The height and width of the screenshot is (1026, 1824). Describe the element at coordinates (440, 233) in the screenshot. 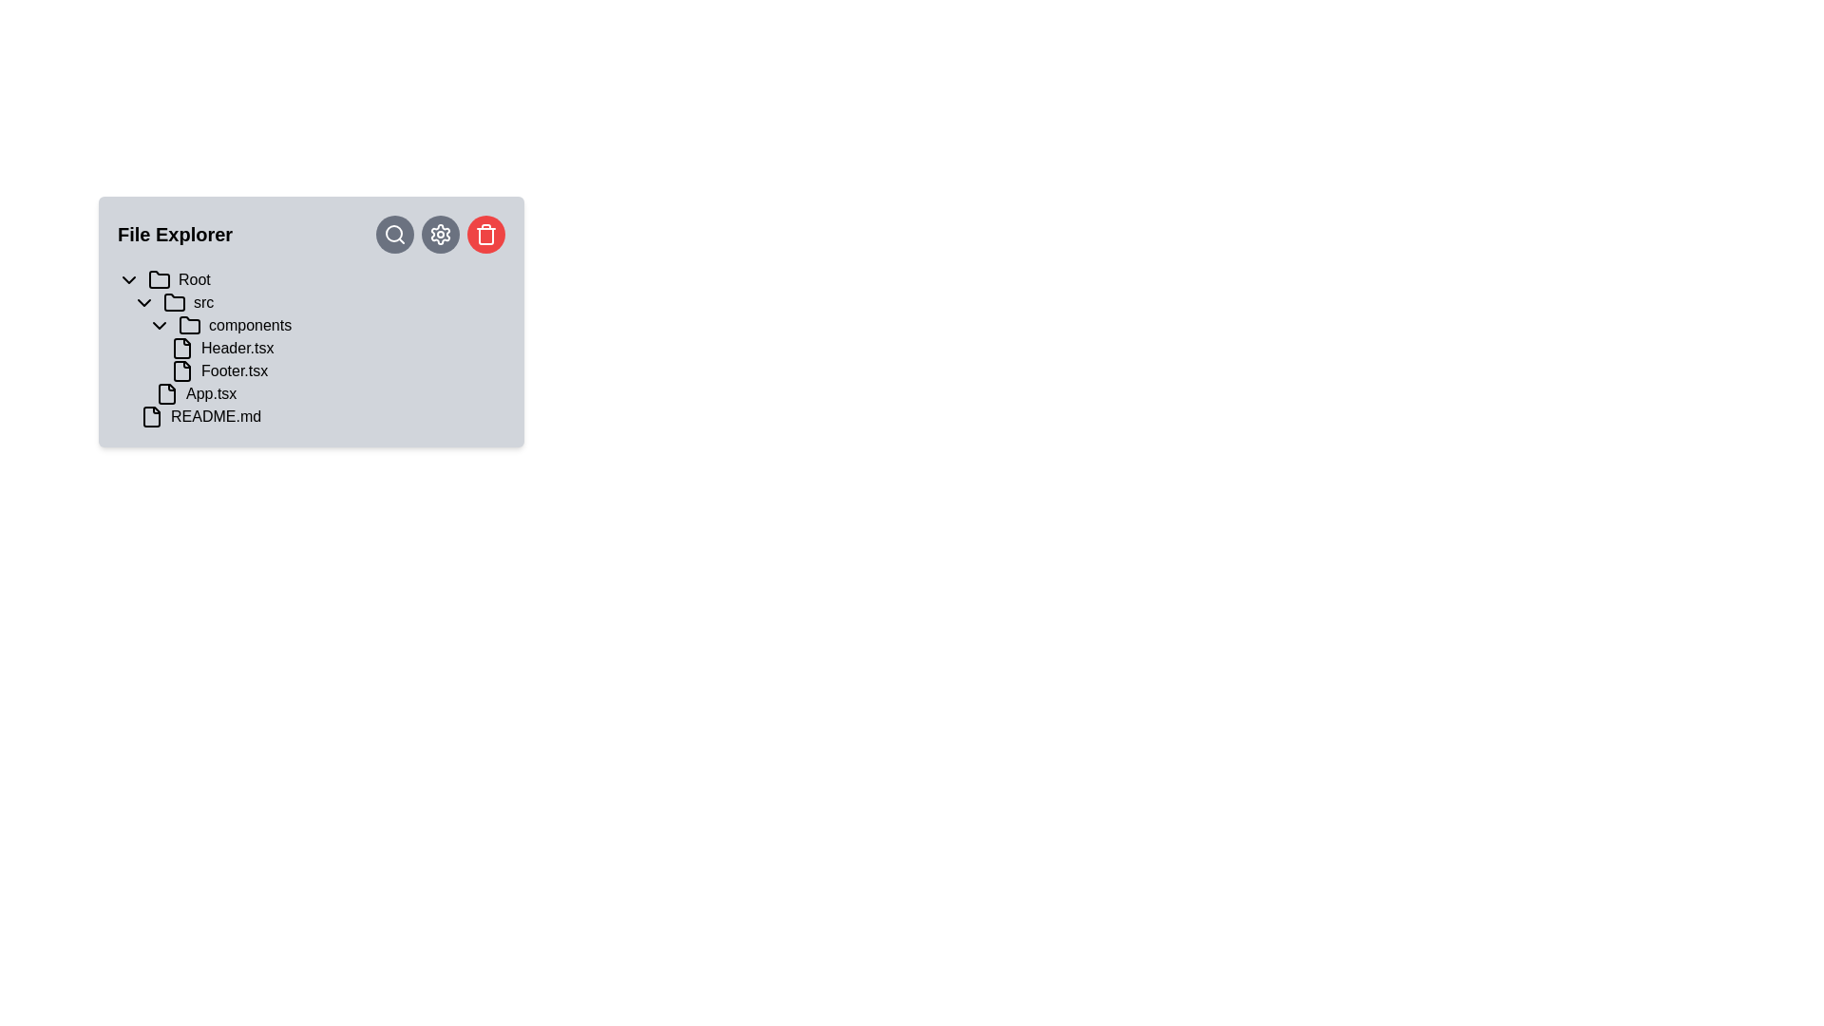

I see `the central gear icon within the circular button` at that location.